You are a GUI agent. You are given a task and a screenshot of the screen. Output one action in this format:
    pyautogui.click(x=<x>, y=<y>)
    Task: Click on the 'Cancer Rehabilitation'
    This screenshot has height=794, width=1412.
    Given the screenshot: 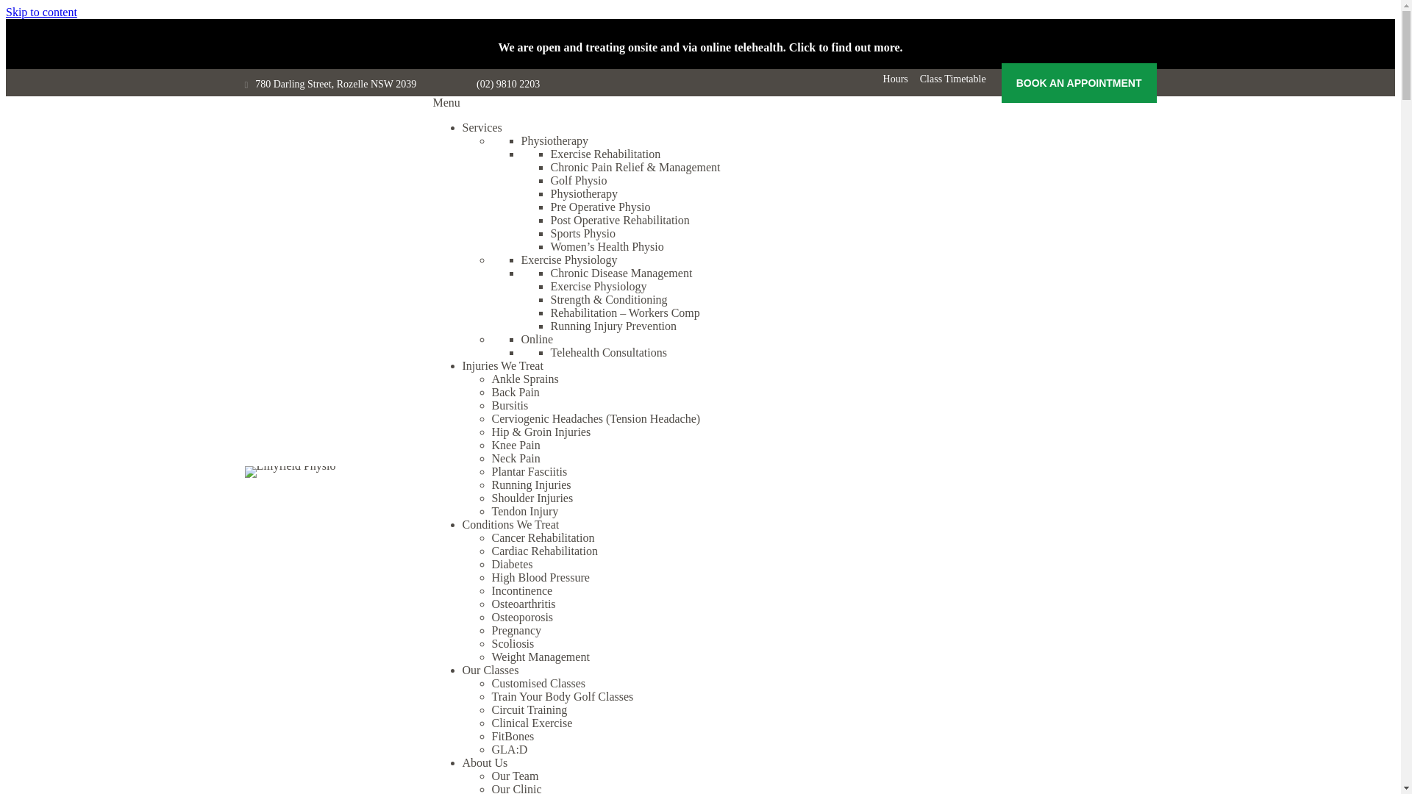 What is the action you would take?
    pyautogui.click(x=542, y=537)
    